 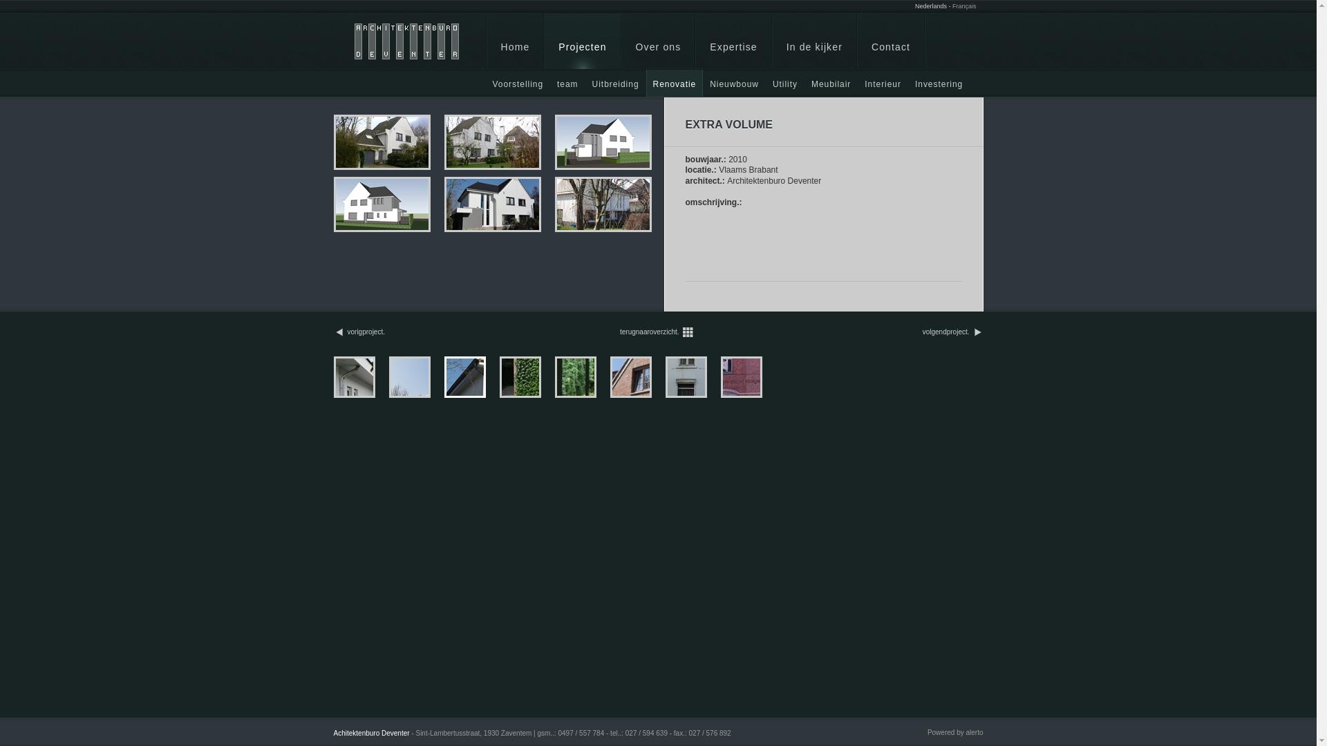 I want to click on 'Nieuwbouw', so click(x=703, y=83).